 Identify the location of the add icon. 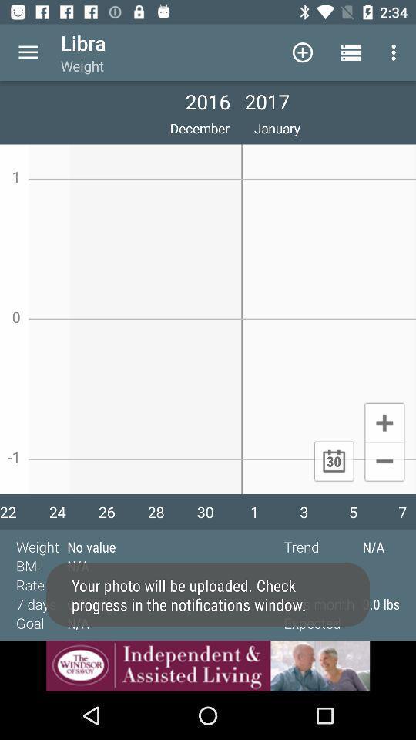
(384, 422).